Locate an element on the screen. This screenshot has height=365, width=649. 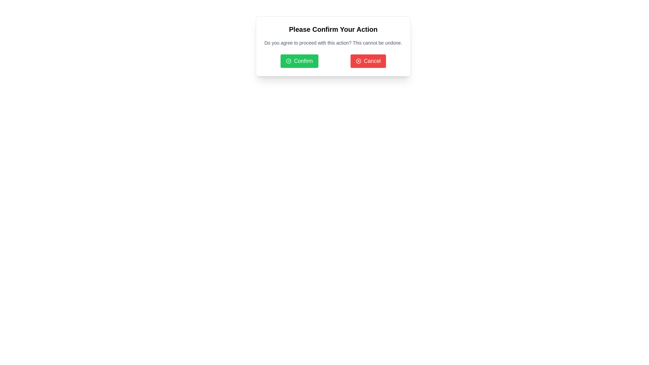
the circular checkmark icon located inside the green 'Confirm' button in the dialog box is located at coordinates (288, 61).